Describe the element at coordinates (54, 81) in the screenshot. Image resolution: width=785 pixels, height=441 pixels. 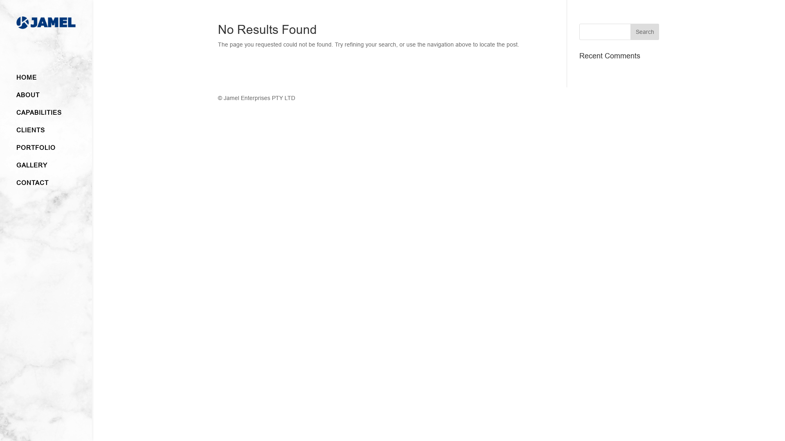
I see `'HOME'` at that location.